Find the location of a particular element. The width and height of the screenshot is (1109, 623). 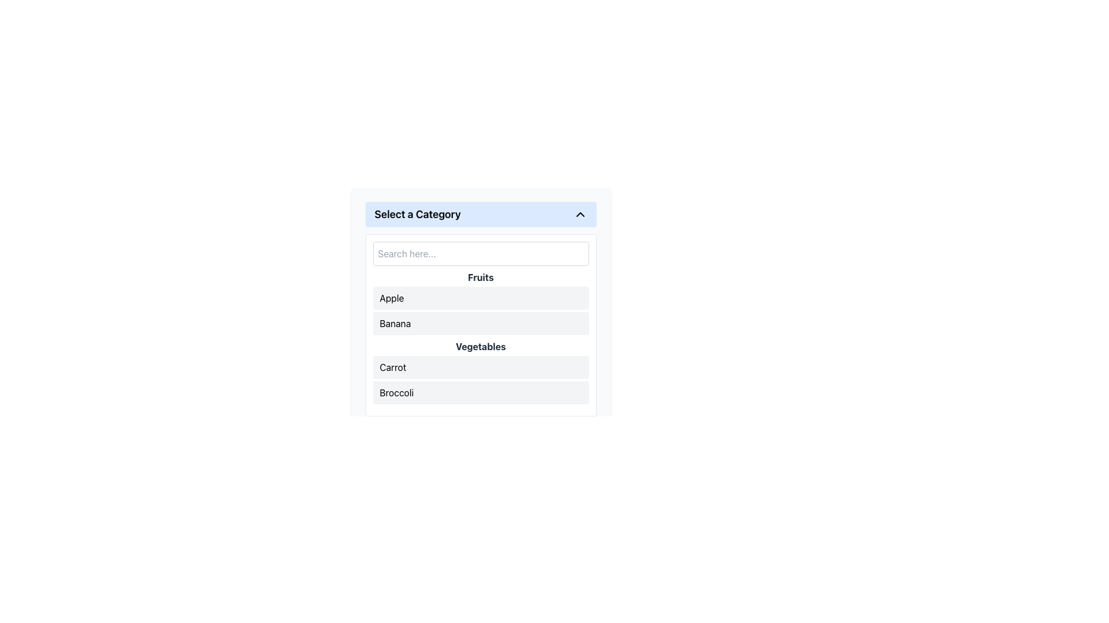

the 'Banana' selectable list item, which is the second item under the 'Fruits' category is located at coordinates (481, 323).